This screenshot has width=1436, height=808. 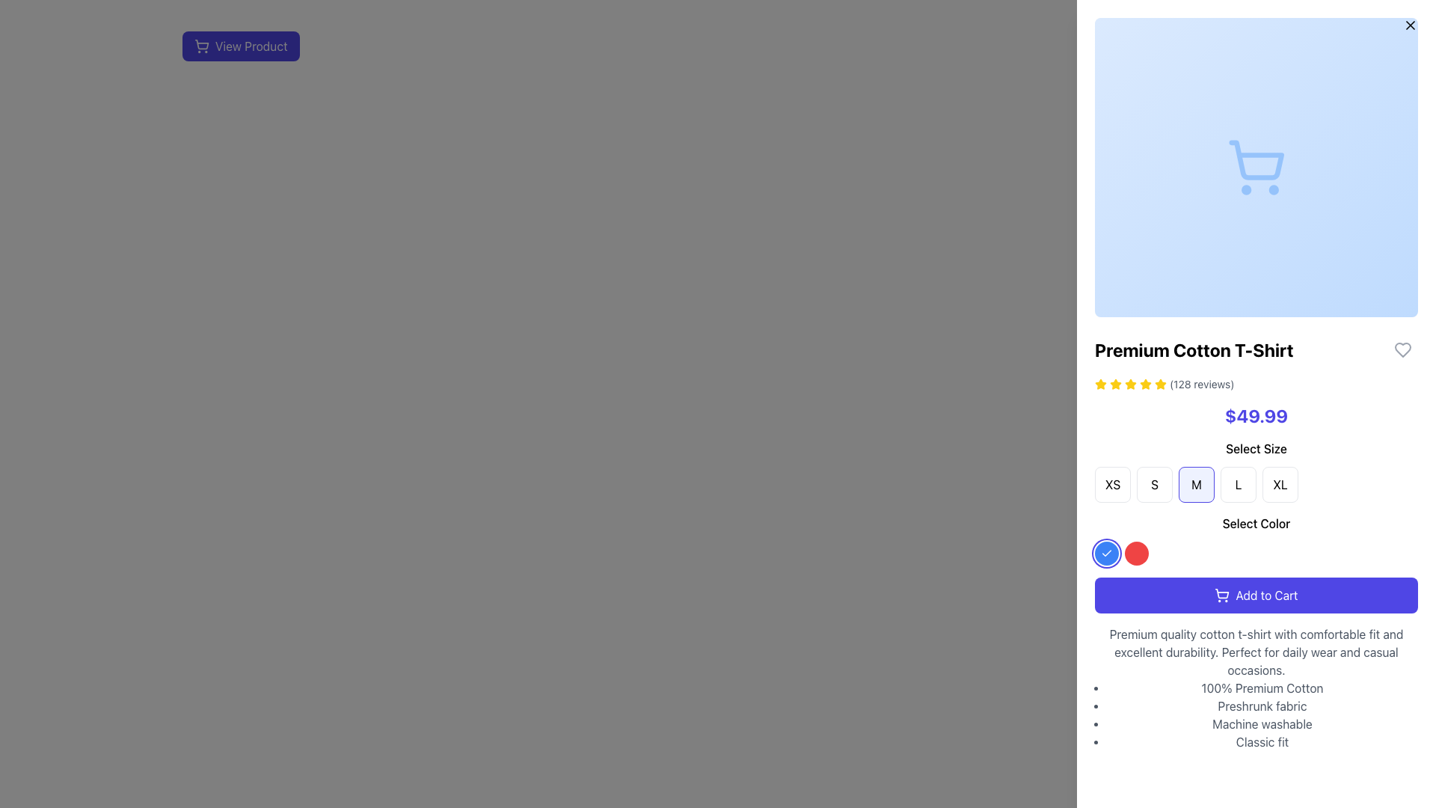 What do you see at coordinates (660, 45) in the screenshot?
I see `the product detail button located at the upper-left side of the interface` at bounding box center [660, 45].